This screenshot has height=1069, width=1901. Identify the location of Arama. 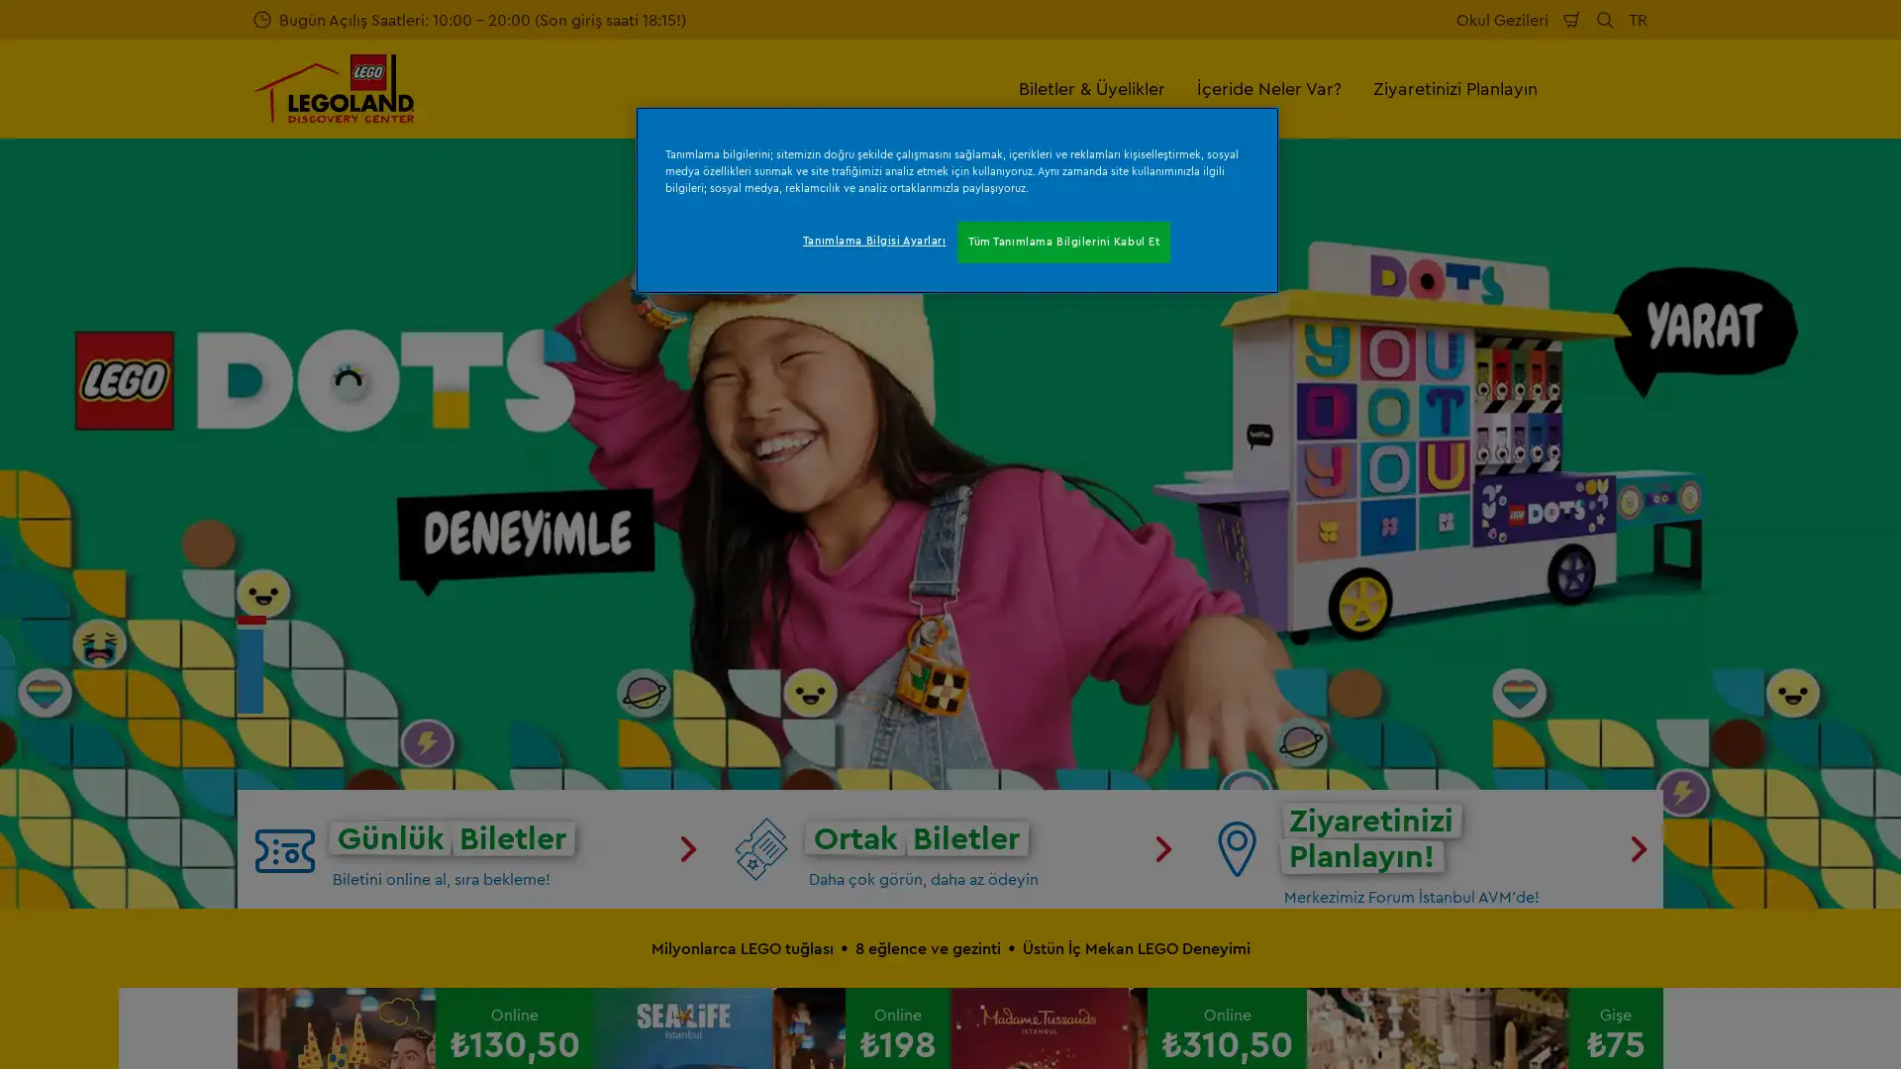
(1605, 19).